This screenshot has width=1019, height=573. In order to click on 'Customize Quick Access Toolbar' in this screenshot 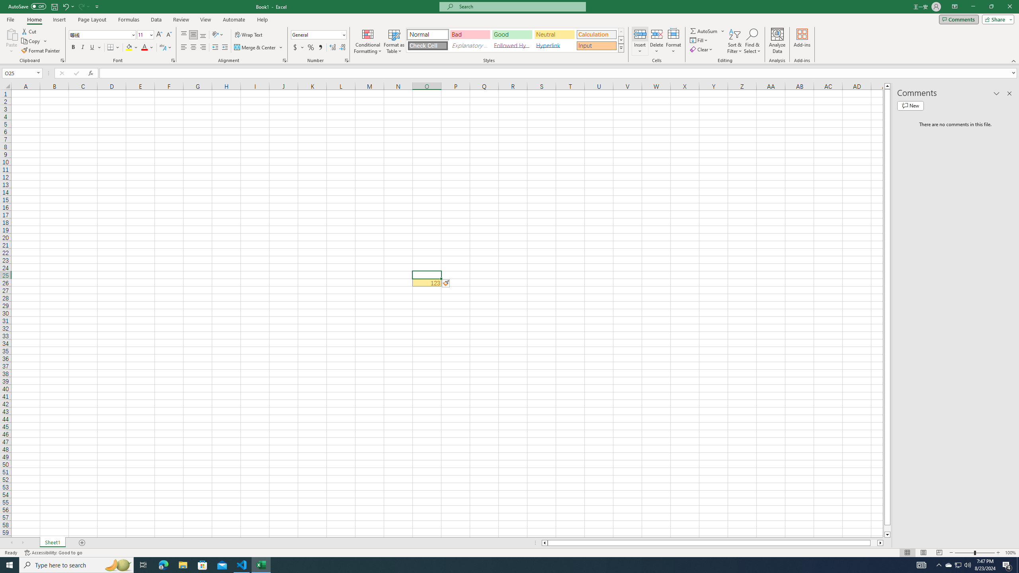, I will do `click(97, 6)`.